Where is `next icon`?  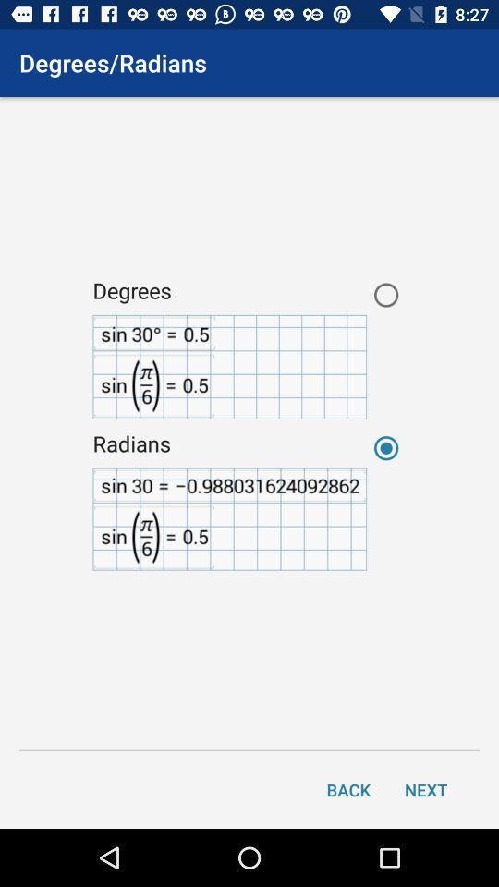
next icon is located at coordinates (426, 788).